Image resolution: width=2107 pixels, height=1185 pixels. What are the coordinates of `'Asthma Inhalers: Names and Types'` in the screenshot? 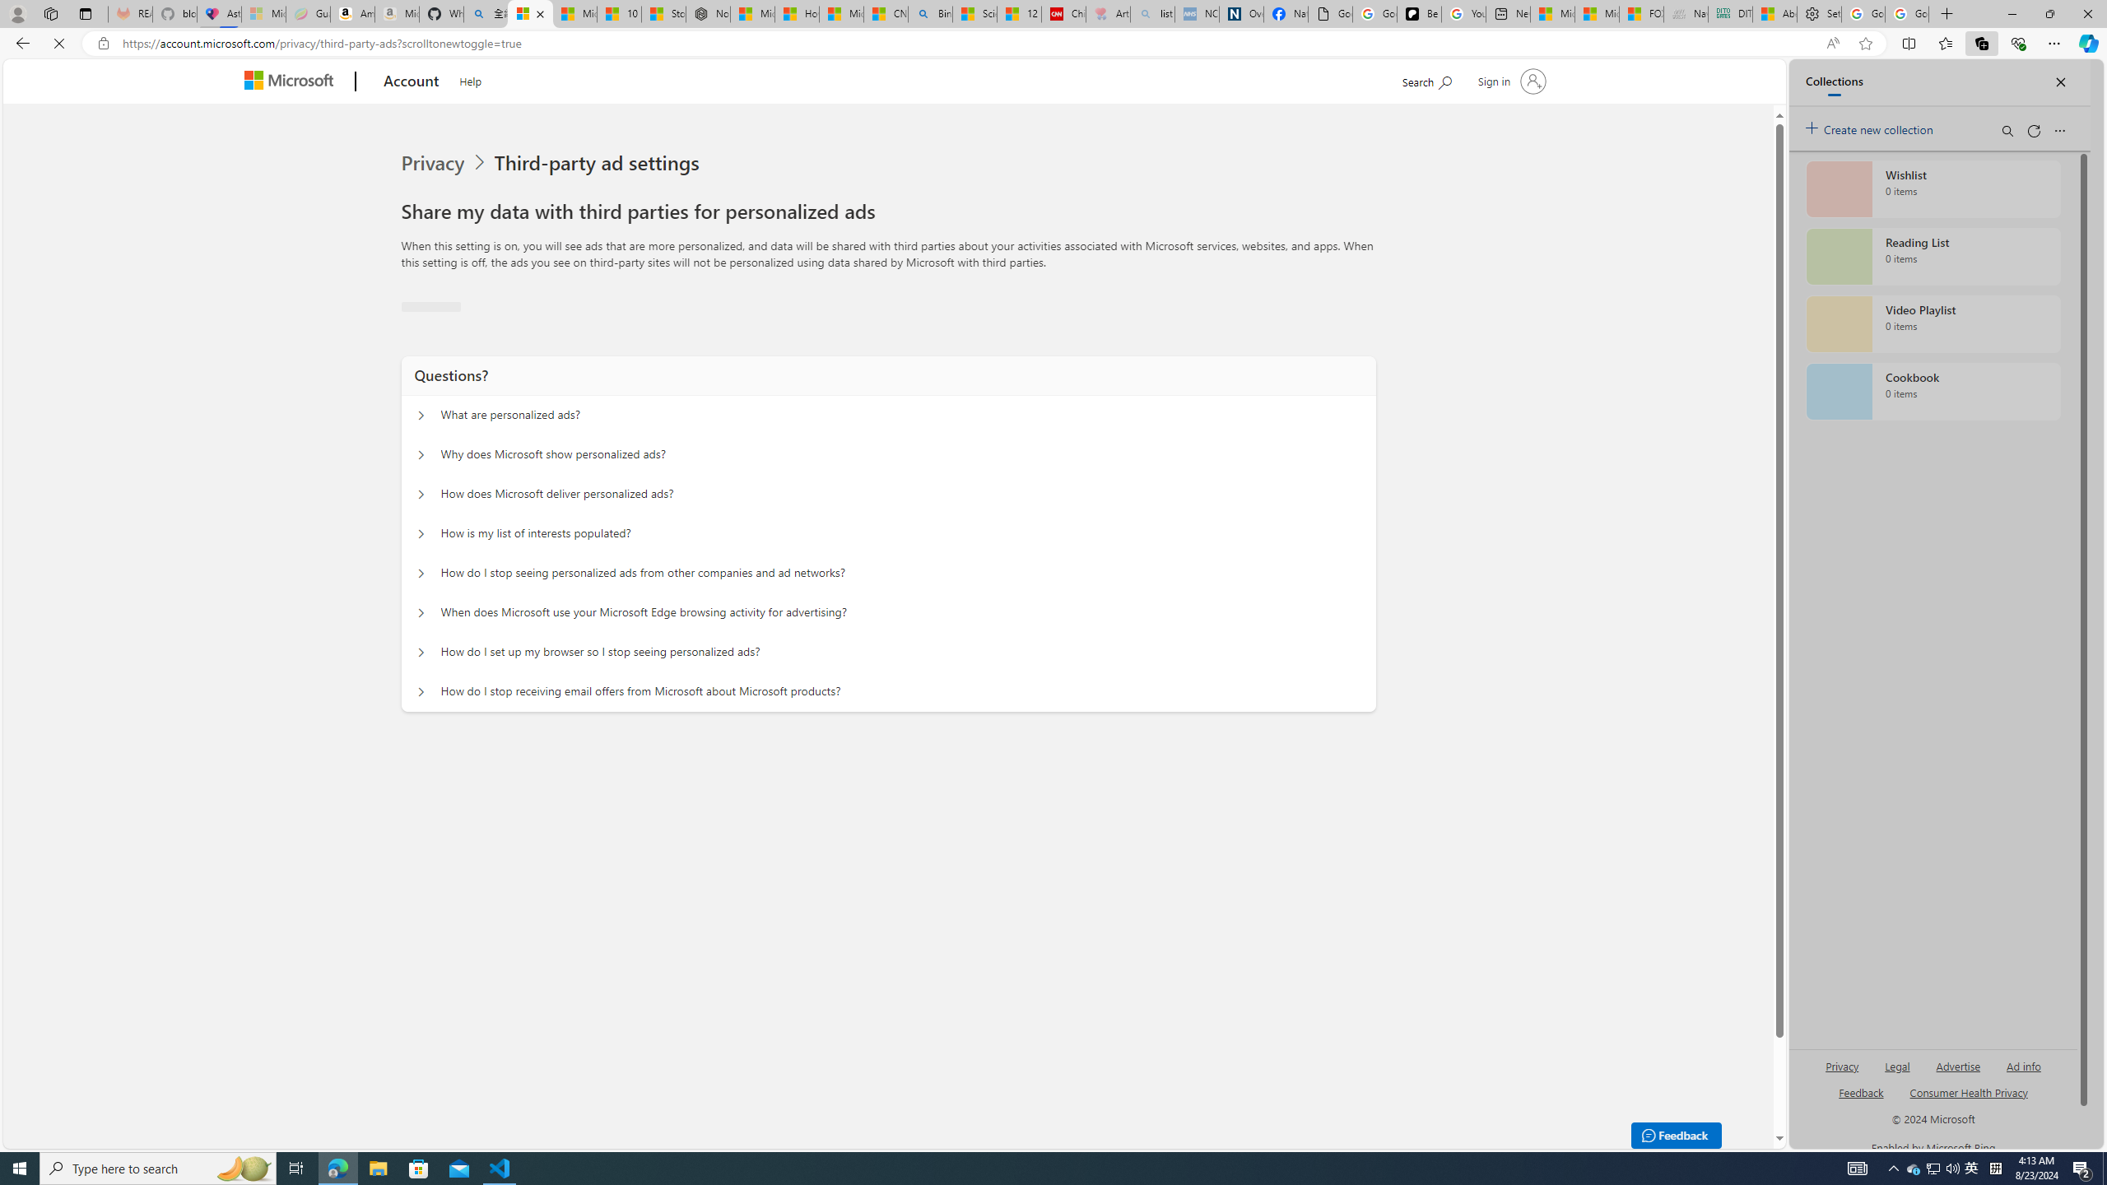 It's located at (218, 13).